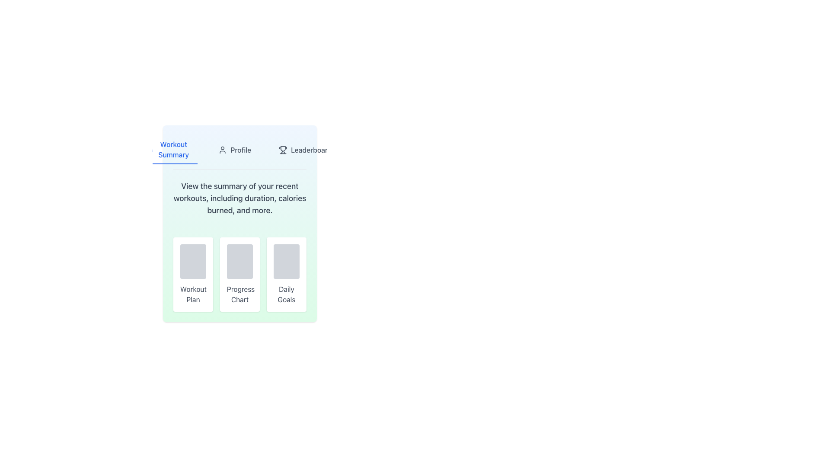 The image size is (830, 467). What do you see at coordinates (169, 150) in the screenshot?
I see `the 'Workout Summary' tab in the top navigation bar` at bounding box center [169, 150].